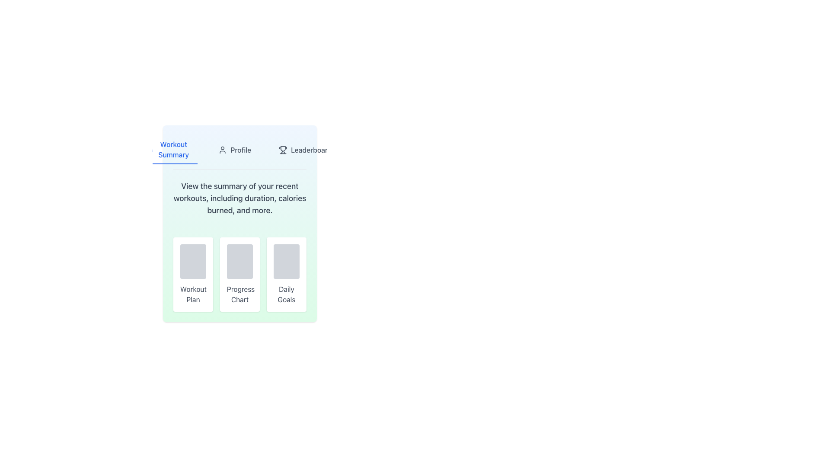 The image size is (830, 467). What do you see at coordinates (169, 150) in the screenshot?
I see `the 'Workout Summary' tab in the top navigation bar` at bounding box center [169, 150].